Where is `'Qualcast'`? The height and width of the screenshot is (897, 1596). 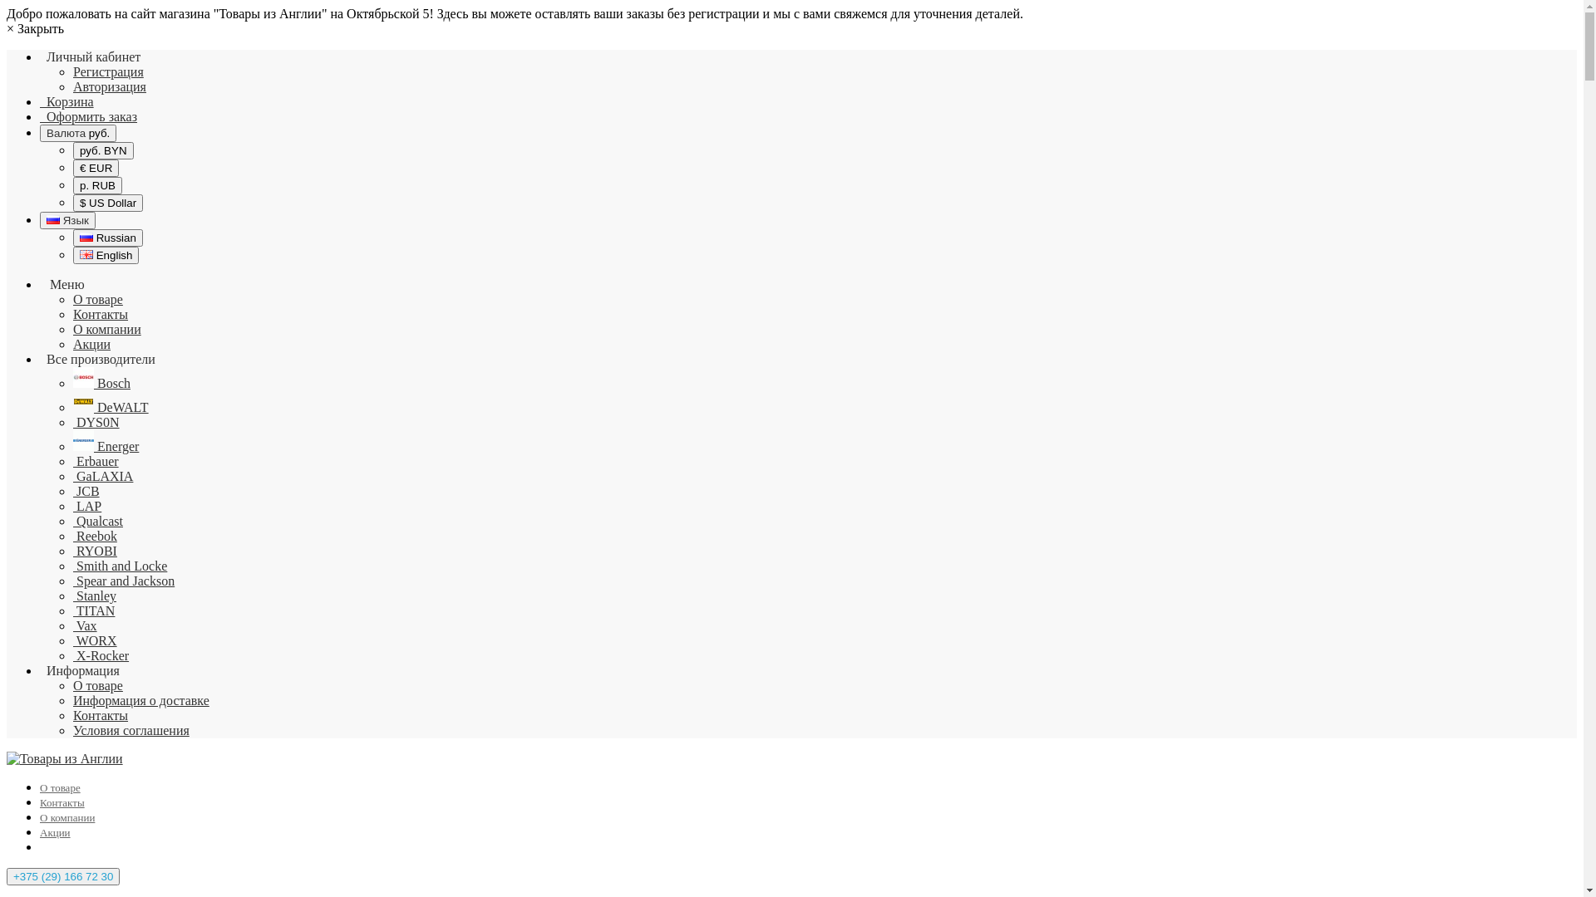
'Qualcast' is located at coordinates (97, 520).